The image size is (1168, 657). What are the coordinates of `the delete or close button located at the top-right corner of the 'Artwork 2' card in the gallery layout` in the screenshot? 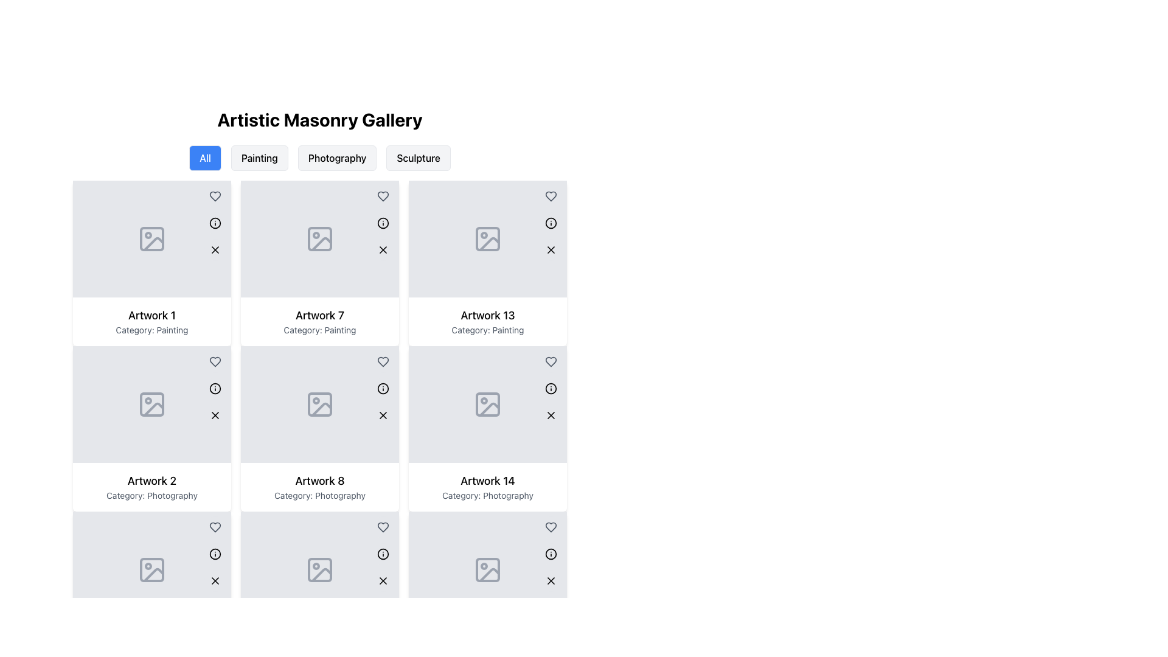 It's located at (215, 414).